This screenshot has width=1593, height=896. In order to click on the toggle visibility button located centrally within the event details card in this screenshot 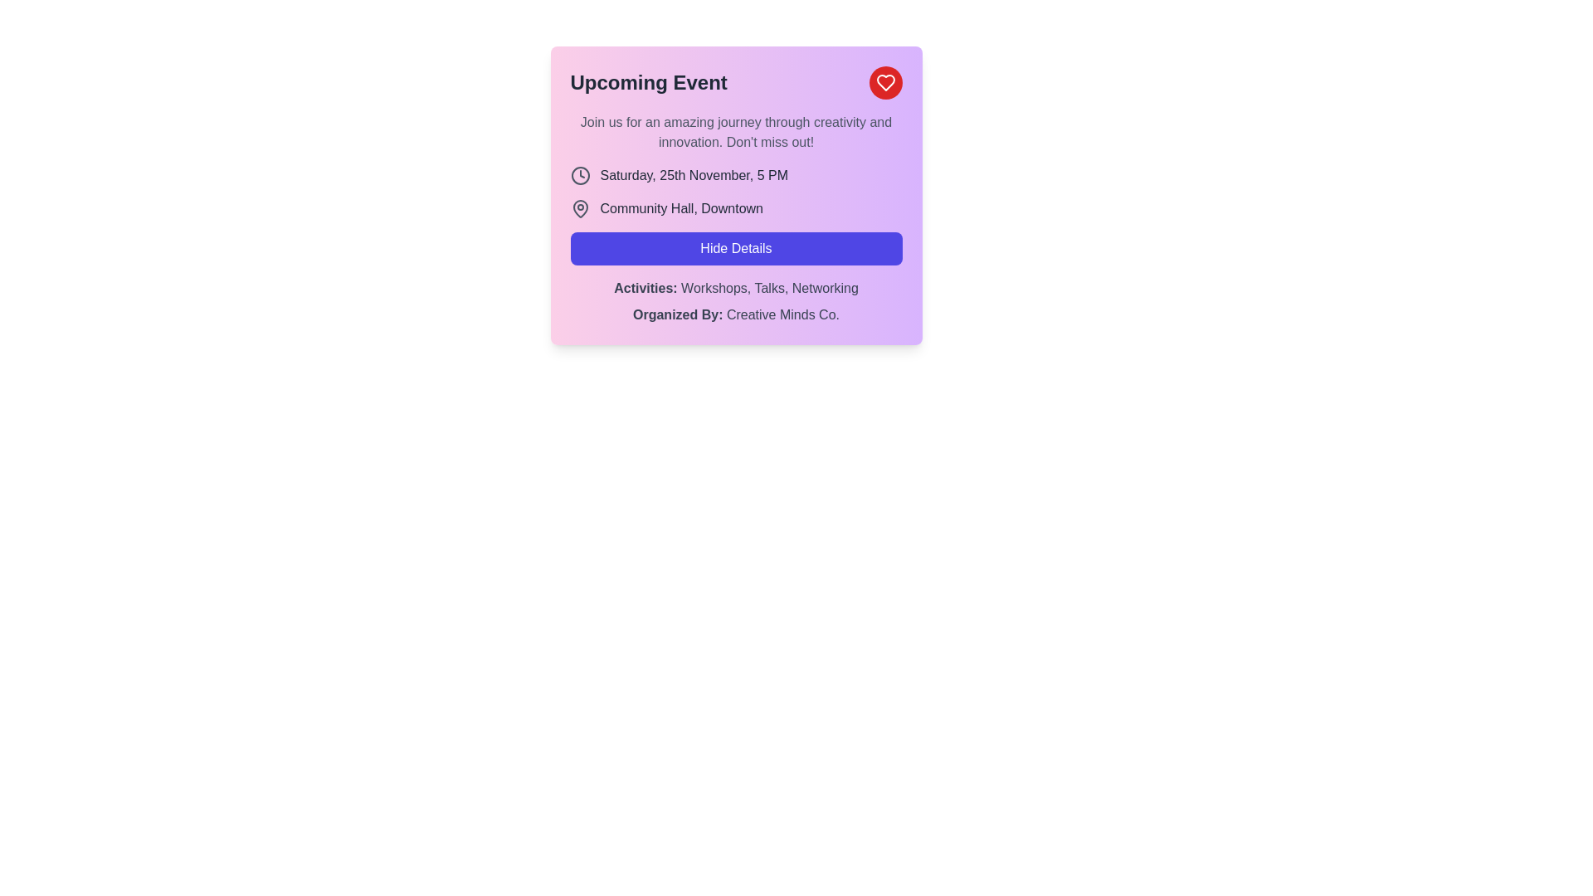, I will do `click(735, 249)`.